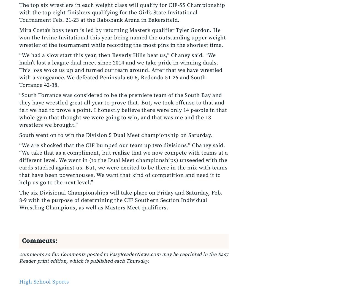 Image resolution: width=358 pixels, height=286 pixels. What do you see at coordinates (44, 282) in the screenshot?
I see `'High School Sports'` at bounding box center [44, 282].